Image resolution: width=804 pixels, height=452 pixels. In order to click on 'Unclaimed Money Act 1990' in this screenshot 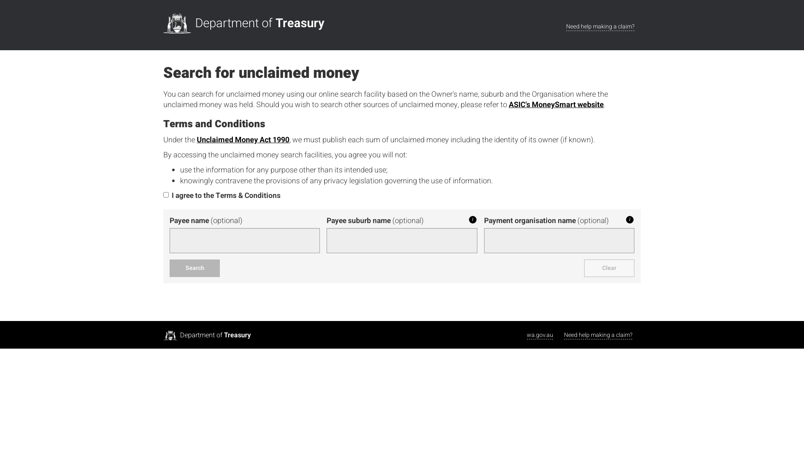, I will do `click(242, 139)`.